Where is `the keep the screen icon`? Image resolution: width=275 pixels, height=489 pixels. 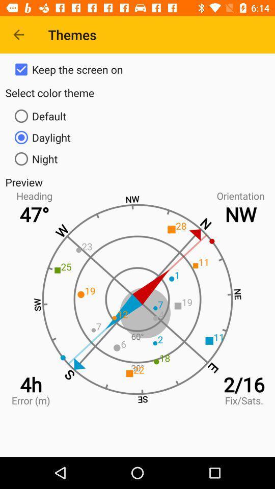 the keep the screen icon is located at coordinates (137, 69).